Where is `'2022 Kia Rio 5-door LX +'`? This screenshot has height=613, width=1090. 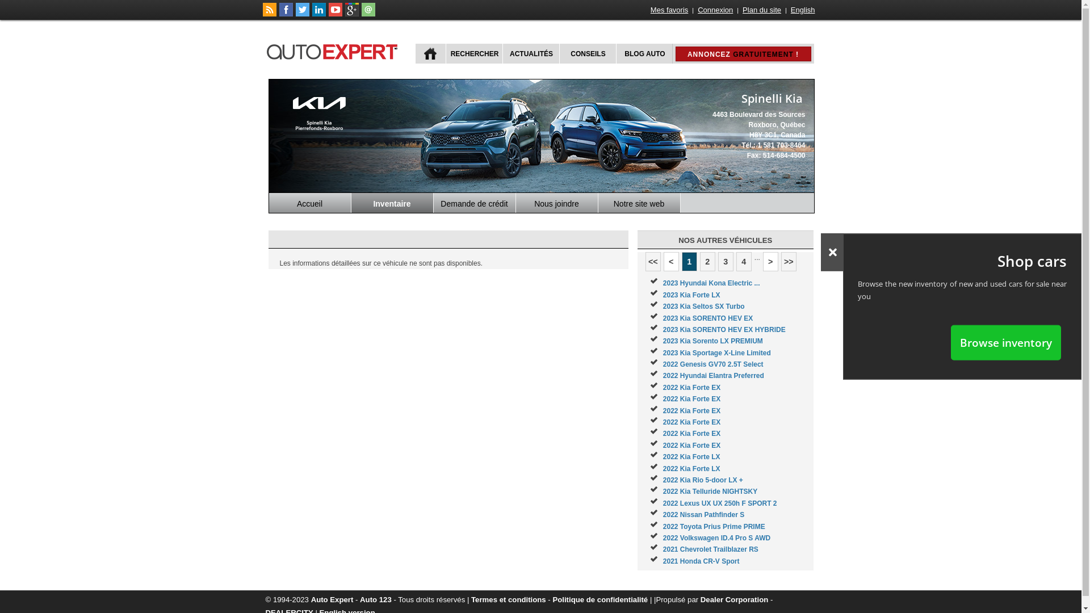
'2022 Kia Rio 5-door LX +' is located at coordinates (702, 480).